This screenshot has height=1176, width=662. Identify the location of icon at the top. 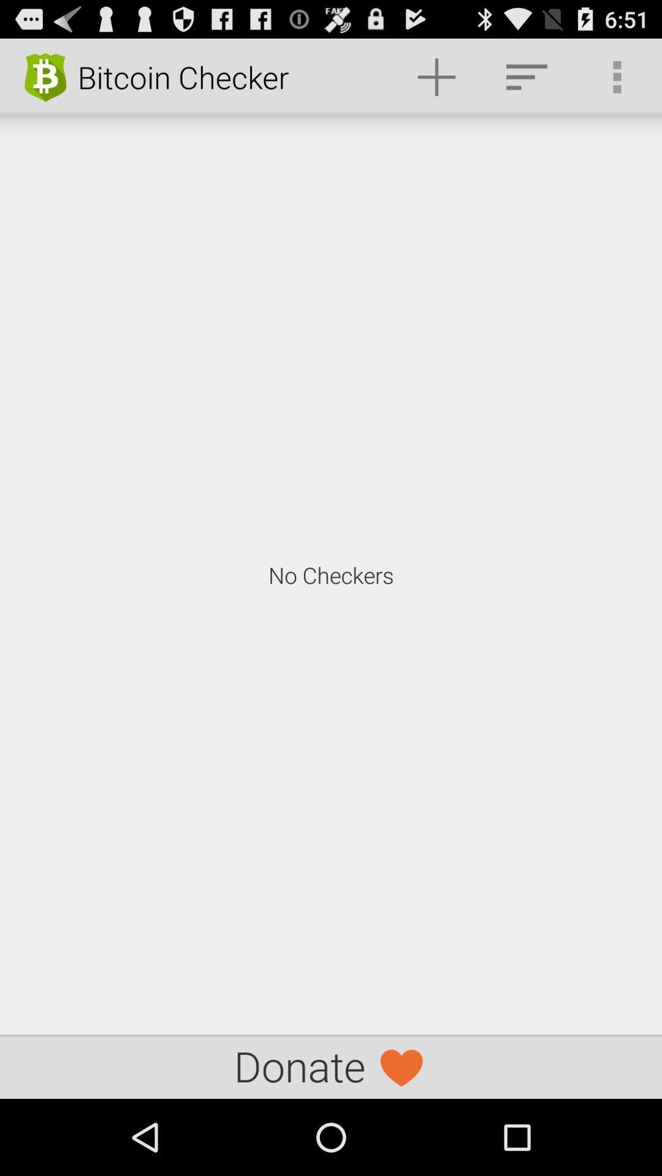
(436, 76).